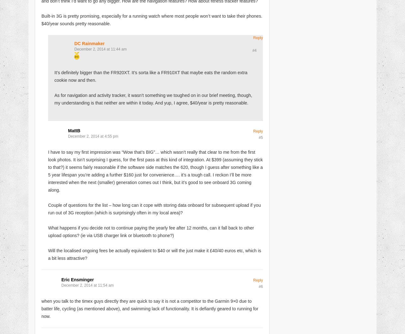 This screenshot has height=334, width=405. What do you see at coordinates (77, 279) in the screenshot?
I see `'Eric Ensminger'` at bounding box center [77, 279].